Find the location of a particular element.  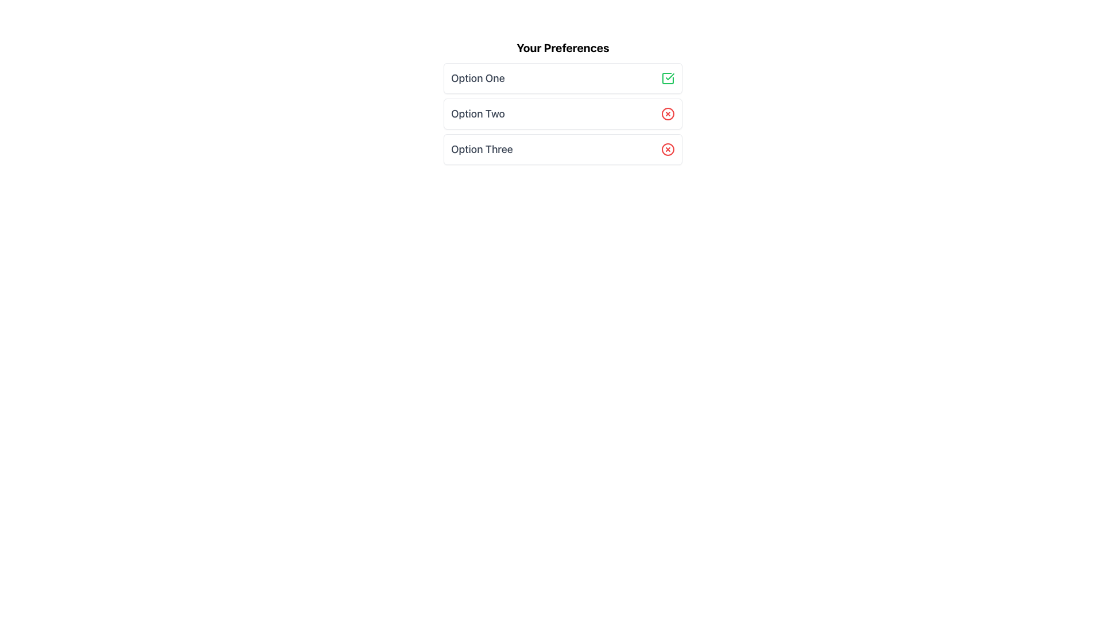

the green checkmark icon located to the right of the text 'Option One' in the list item is located at coordinates (668, 78).